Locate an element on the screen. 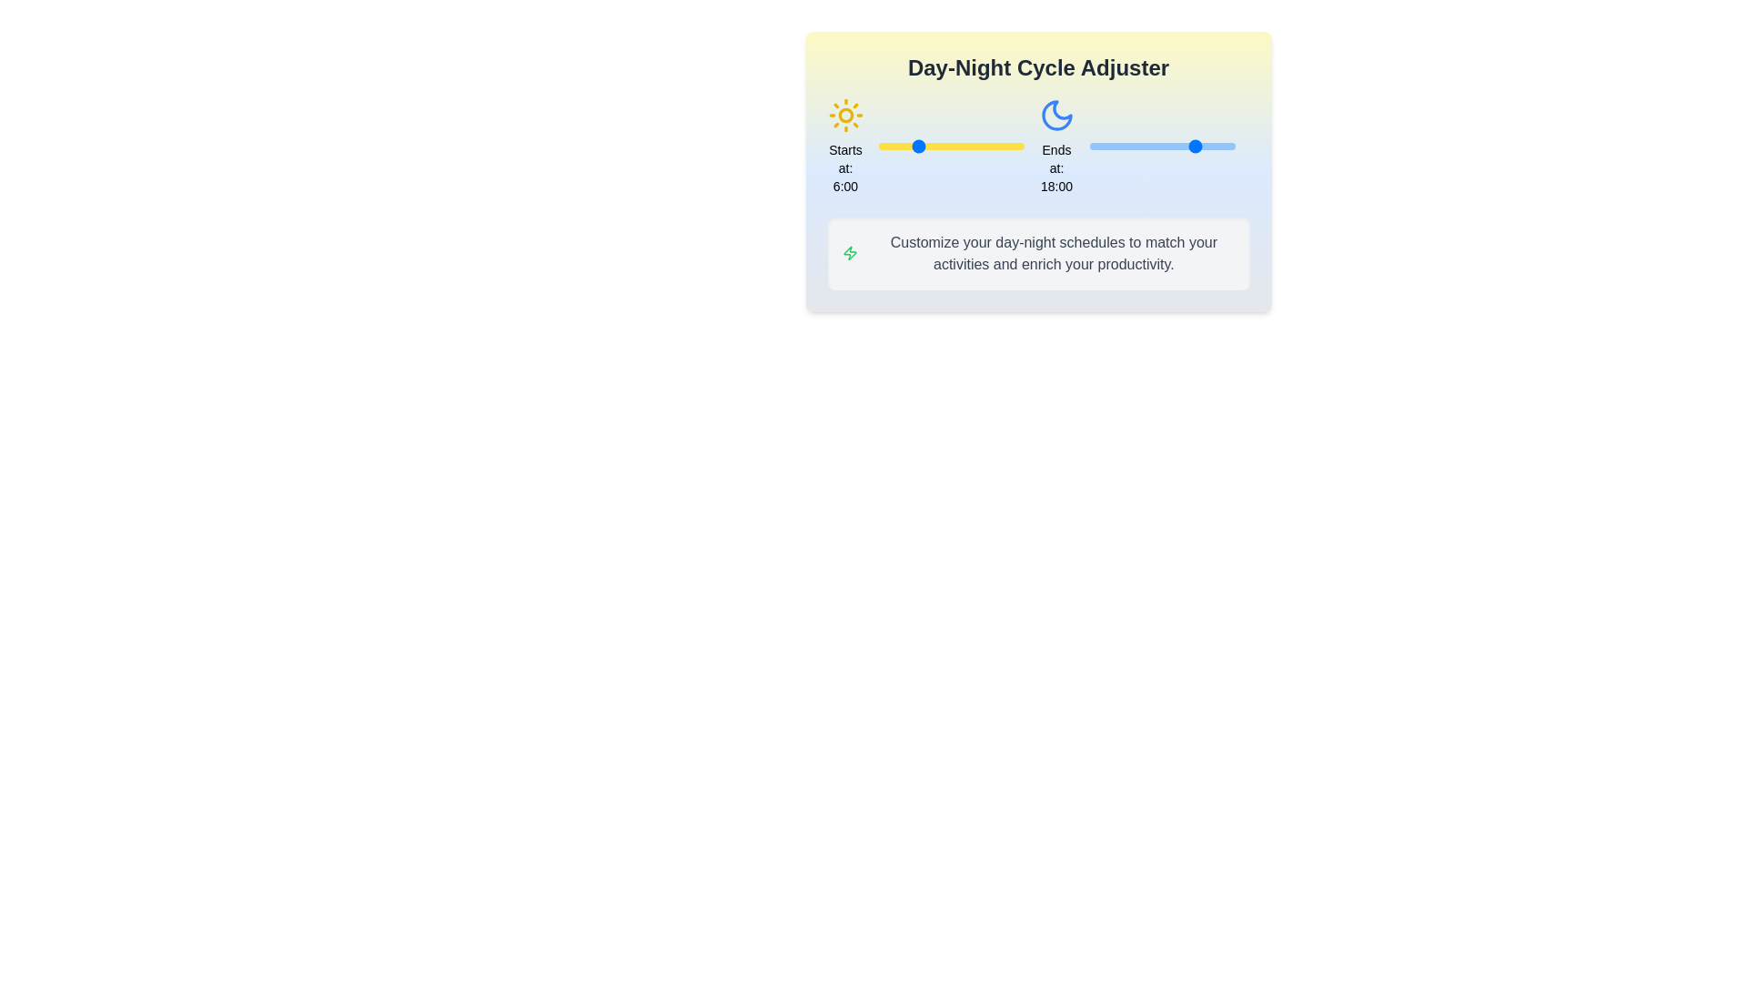  the end time of the day cycle to 23 hours using the right slider is located at coordinates (1228, 146).